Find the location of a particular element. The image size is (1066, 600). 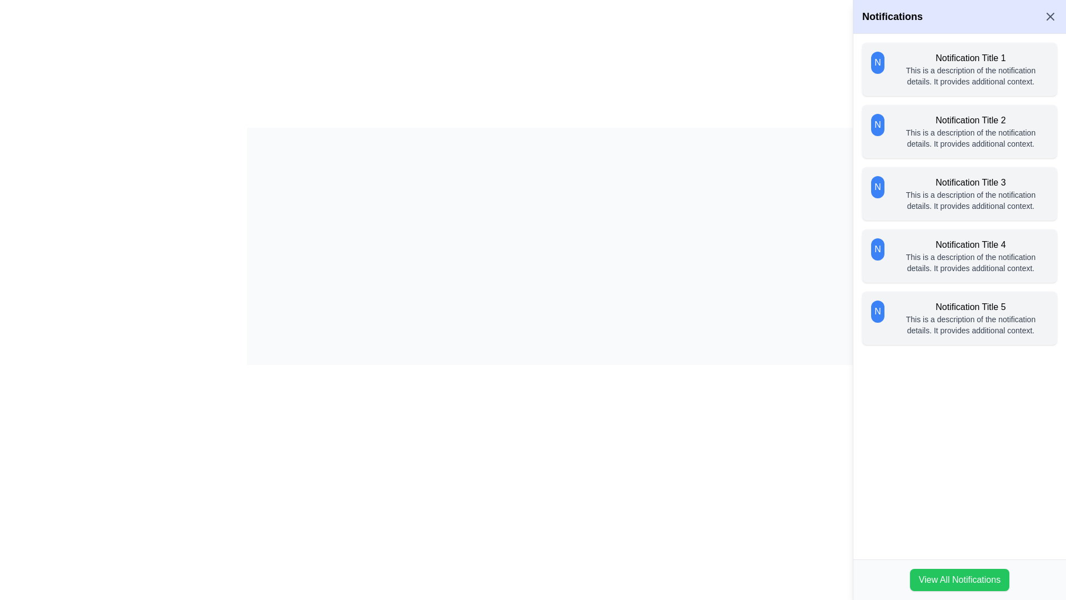

the notification icon located at the leftmost position of the fourth notification card is located at coordinates (877, 248).